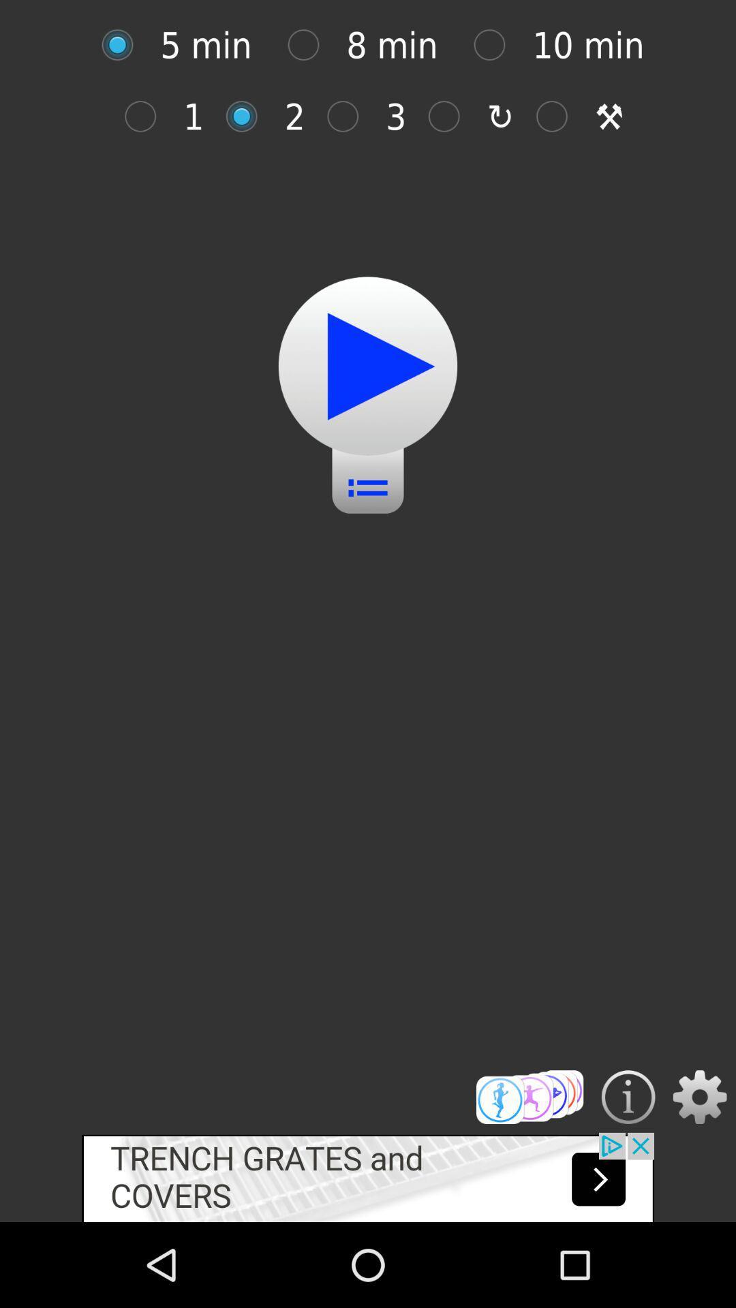  What do you see at coordinates (249, 116) in the screenshot?
I see `icon` at bounding box center [249, 116].